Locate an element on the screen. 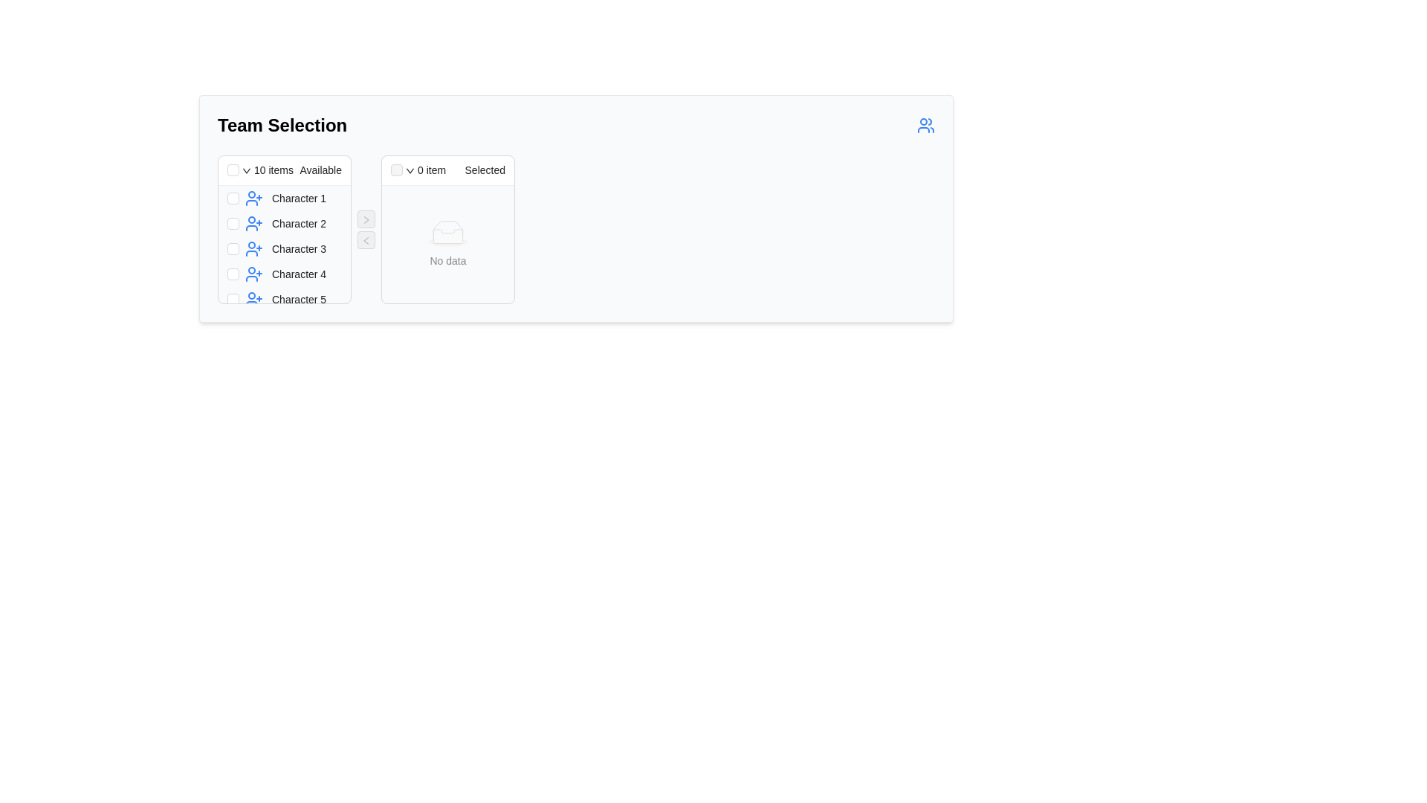  the icon for 'Character 3' located to the left of the text is located at coordinates (253, 248).